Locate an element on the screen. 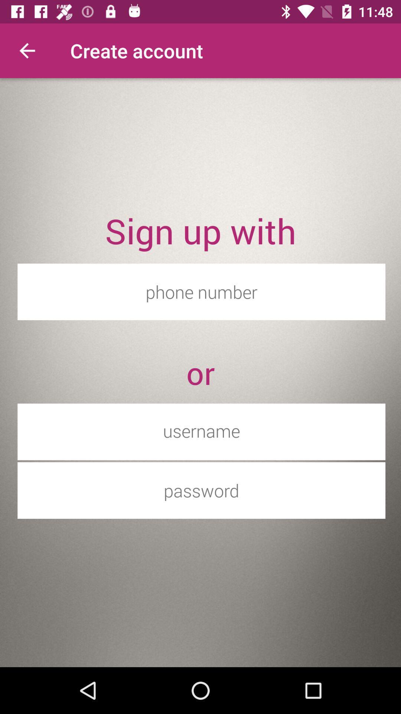 The height and width of the screenshot is (714, 401). sign in with username is located at coordinates (201, 431).